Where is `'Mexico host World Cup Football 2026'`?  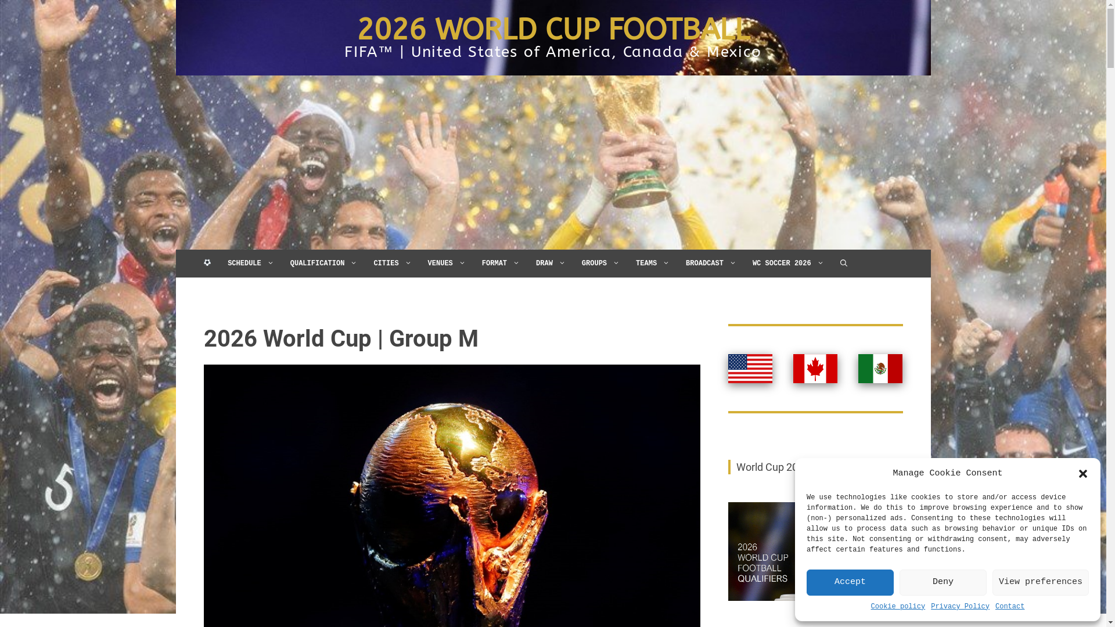 'Mexico host World Cup Football 2026' is located at coordinates (858, 369).